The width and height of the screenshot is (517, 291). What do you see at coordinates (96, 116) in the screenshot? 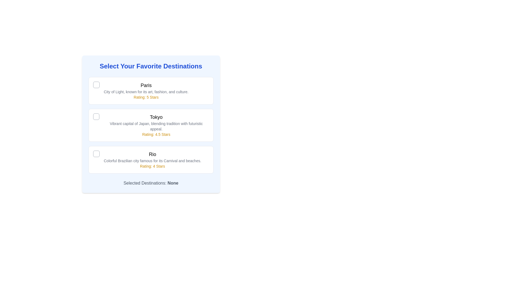
I see `the checkbox located to the left of the text 'Tokyo'` at bounding box center [96, 116].